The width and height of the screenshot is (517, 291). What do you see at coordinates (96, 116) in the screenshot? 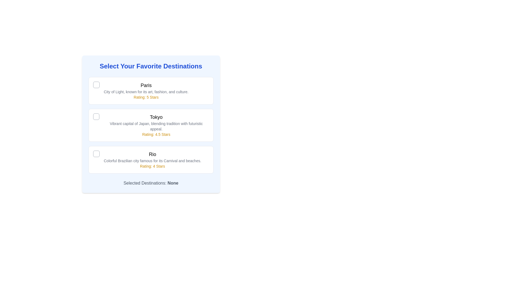
I see `the checkbox located to the left of the text 'Tokyo'` at bounding box center [96, 116].